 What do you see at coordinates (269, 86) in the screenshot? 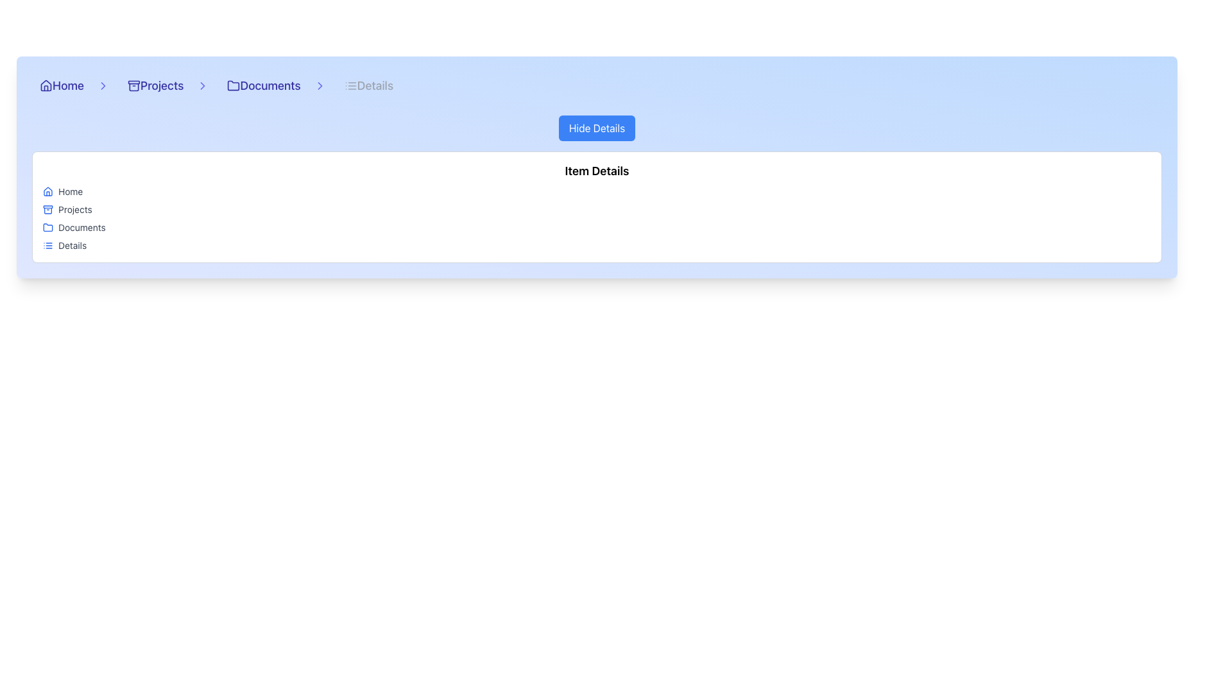
I see `the 'Documents' text link in the breadcrumb navigation bar, which is styled with a blue font color and is the third link in the horizontal list` at bounding box center [269, 86].